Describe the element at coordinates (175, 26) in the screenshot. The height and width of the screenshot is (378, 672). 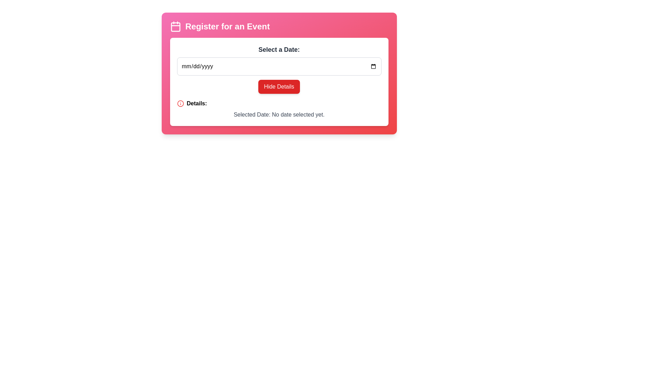
I see `the calendar icon located to the left of the 'Register for an Event' header text at the top of the card layout` at that location.